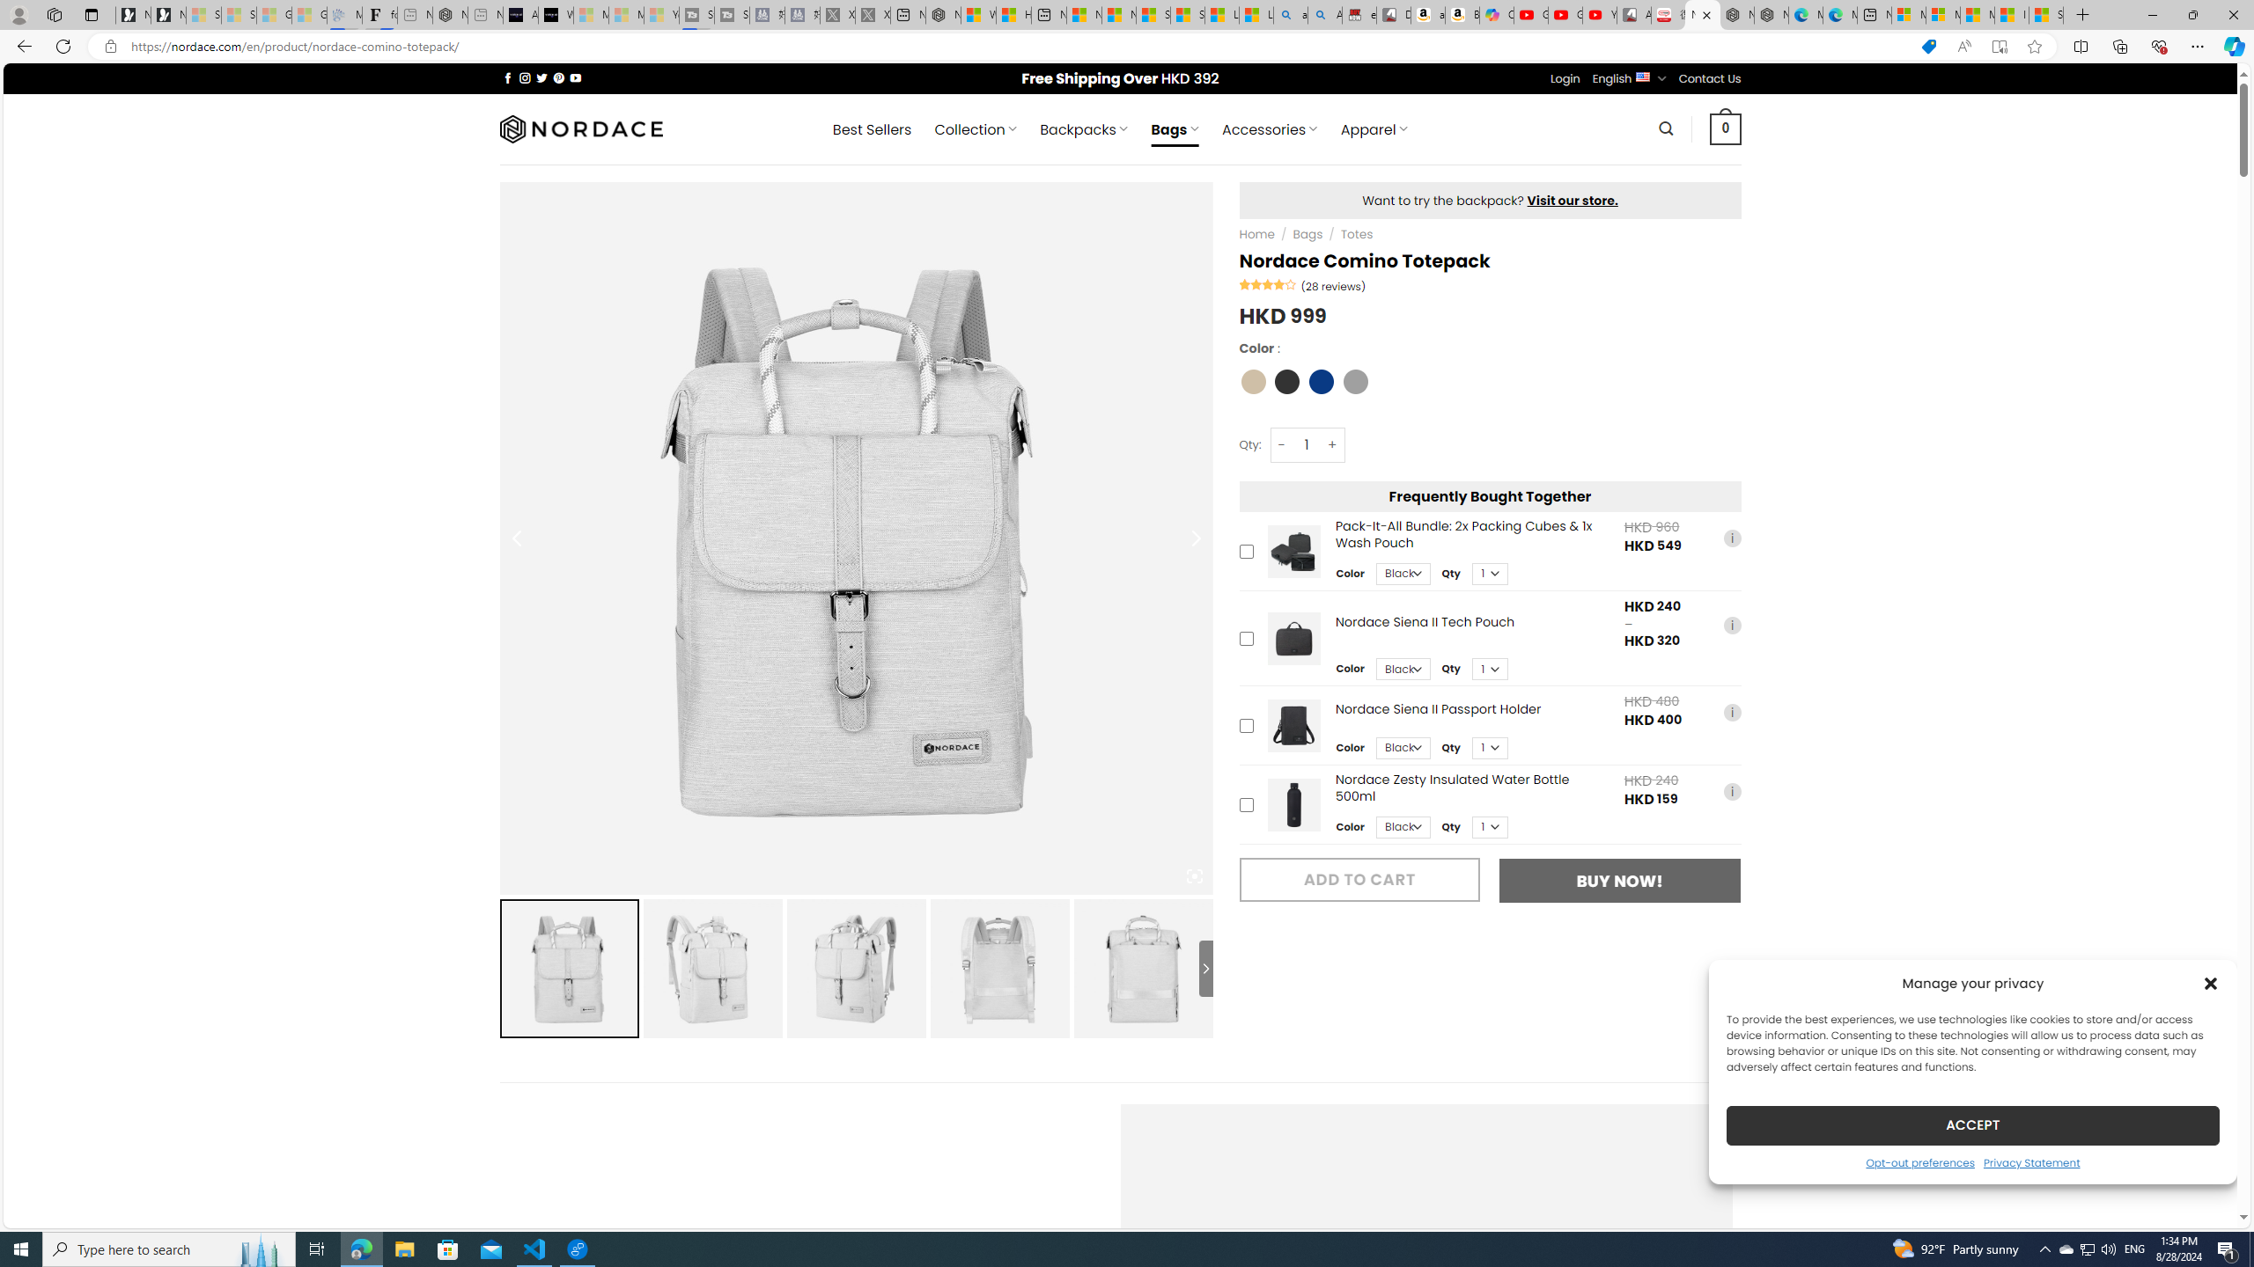 The width and height of the screenshot is (2254, 1267). Describe the element at coordinates (977, 14) in the screenshot. I see `'Wildlife - MSN'` at that location.